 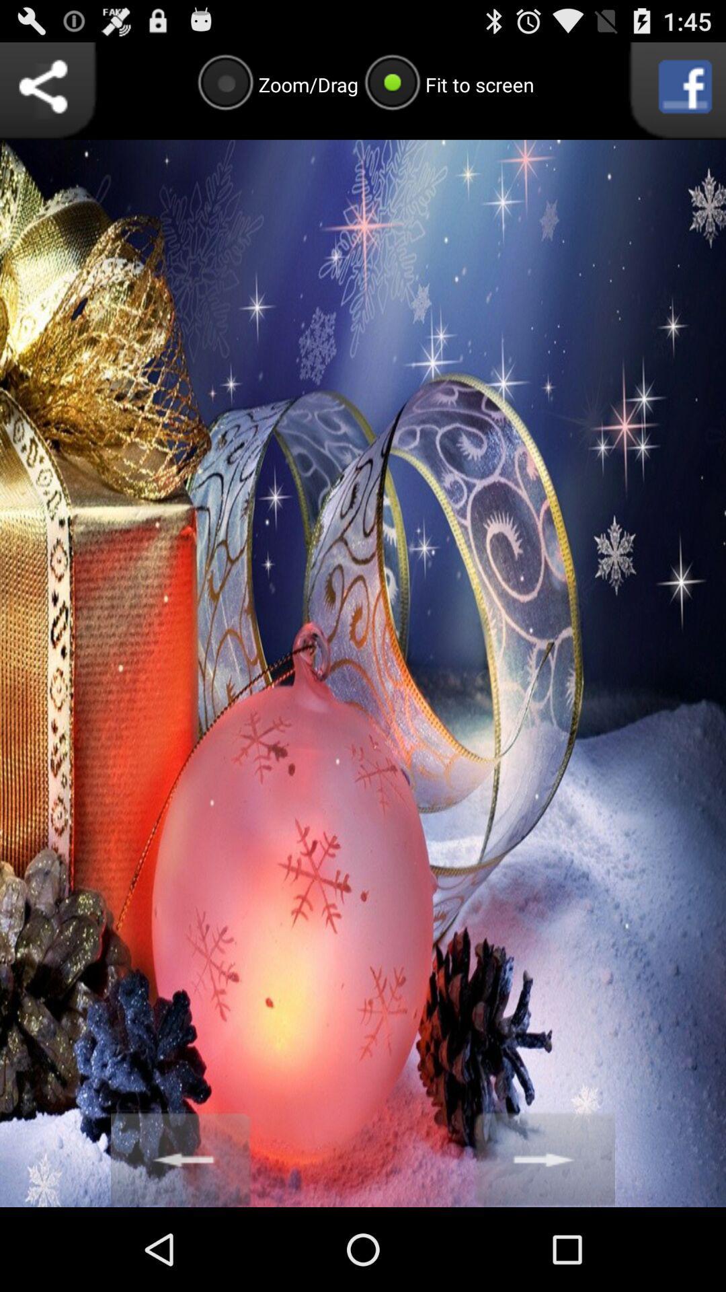 What do you see at coordinates (544, 1157) in the screenshot?
I see `go forward` at bounding box center [544, 1157].